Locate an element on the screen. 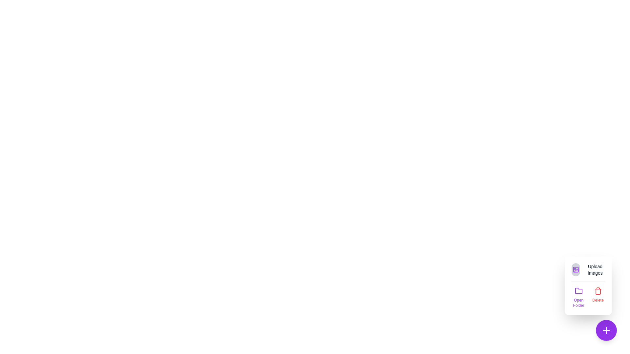 The height and width of the screenshot is (354, 630). the folder icon located in the lower-right quadrant of the interface is located at coordinates (578, 290).